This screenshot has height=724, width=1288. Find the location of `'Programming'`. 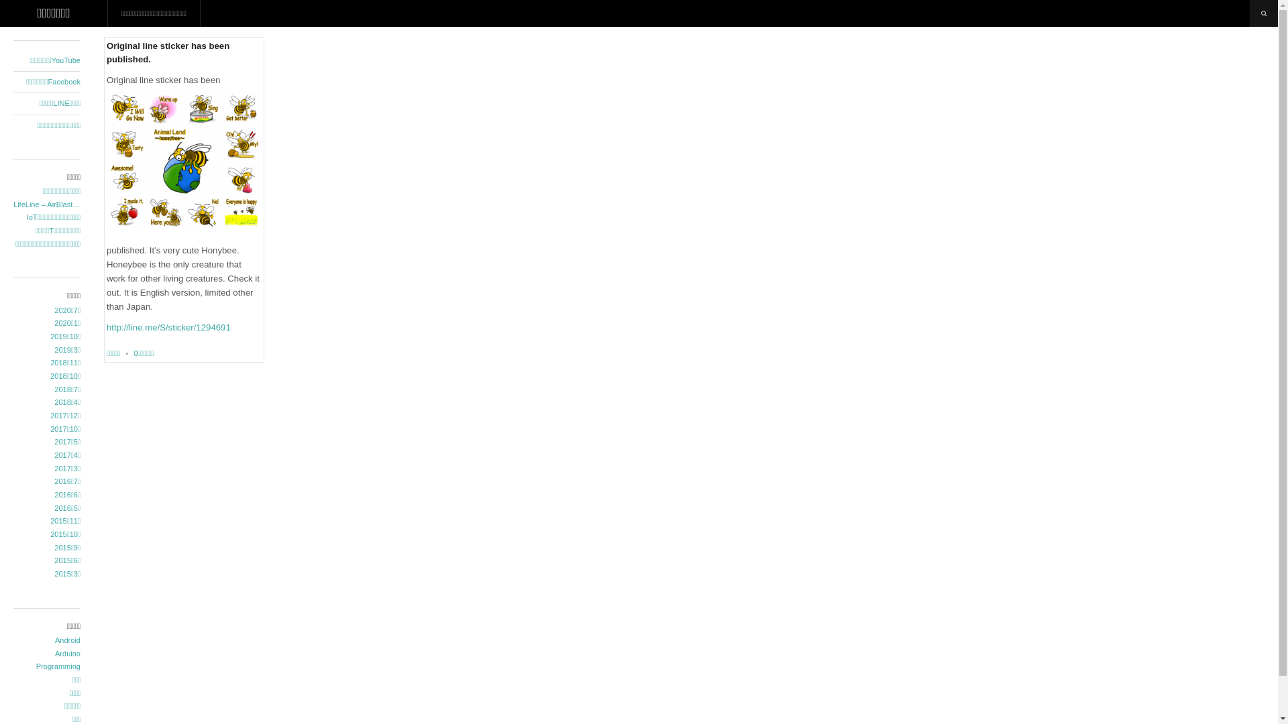

'Programming' is located at coordinates (47, 667).